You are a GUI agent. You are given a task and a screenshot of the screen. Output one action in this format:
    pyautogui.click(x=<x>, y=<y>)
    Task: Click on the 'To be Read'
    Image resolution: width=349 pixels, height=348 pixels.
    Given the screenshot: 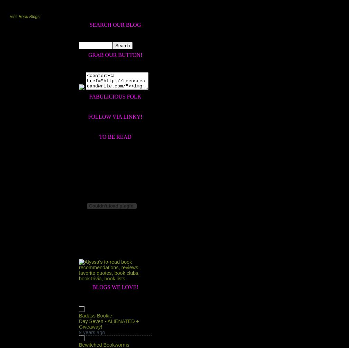 What is the action you would take?
    pyautogui.click(x=99, y=136)
    